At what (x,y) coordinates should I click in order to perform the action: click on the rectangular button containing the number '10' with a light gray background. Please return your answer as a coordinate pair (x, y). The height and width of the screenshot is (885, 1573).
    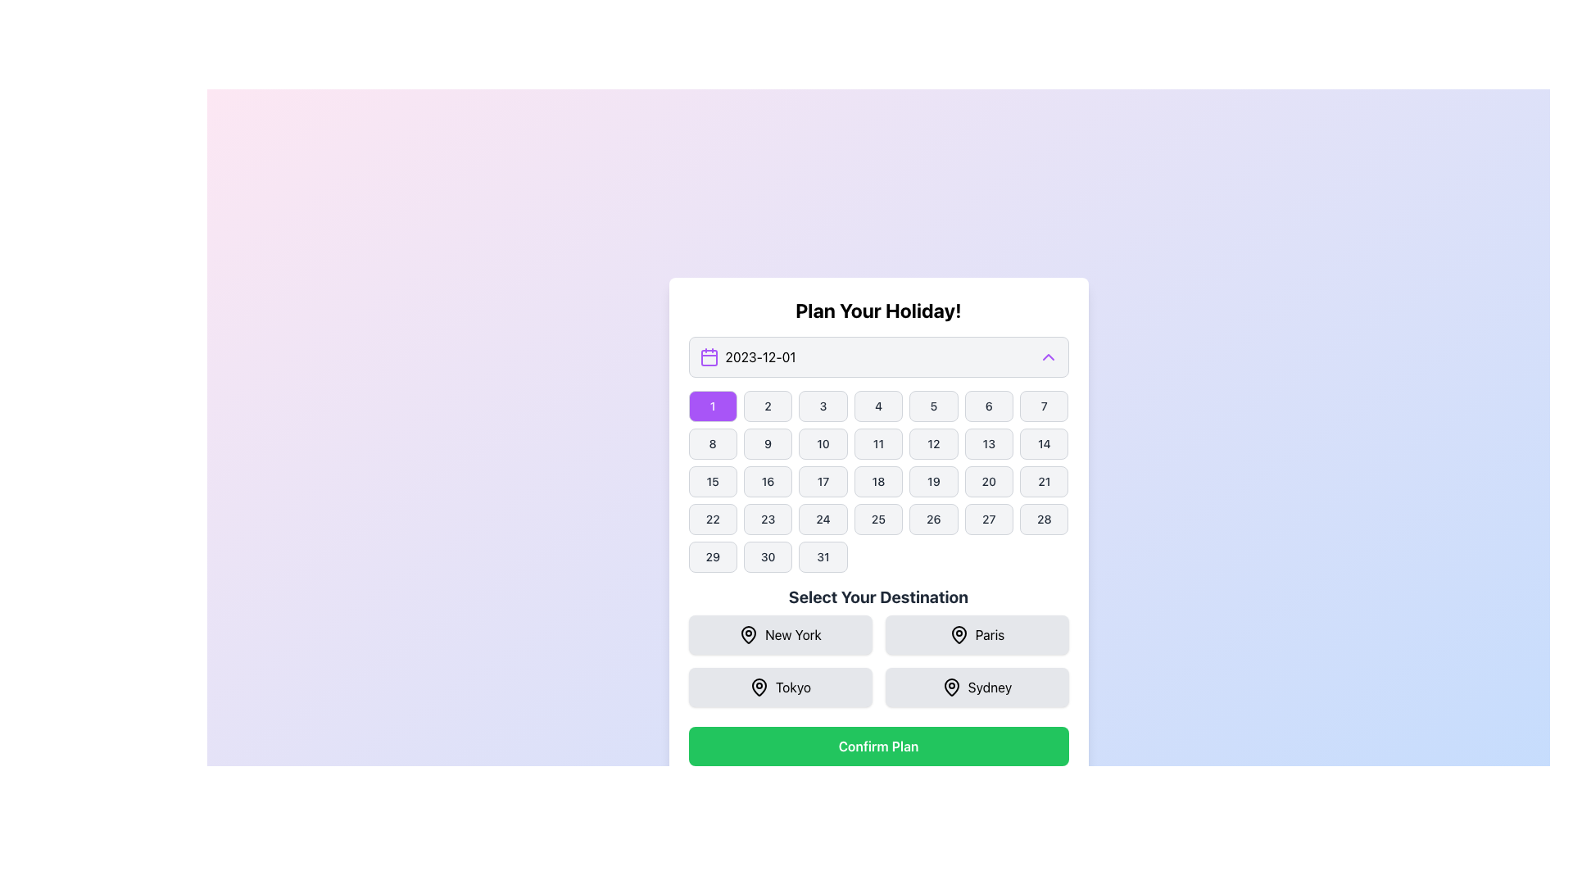
    Looking at the image, I should click on (823, 444).